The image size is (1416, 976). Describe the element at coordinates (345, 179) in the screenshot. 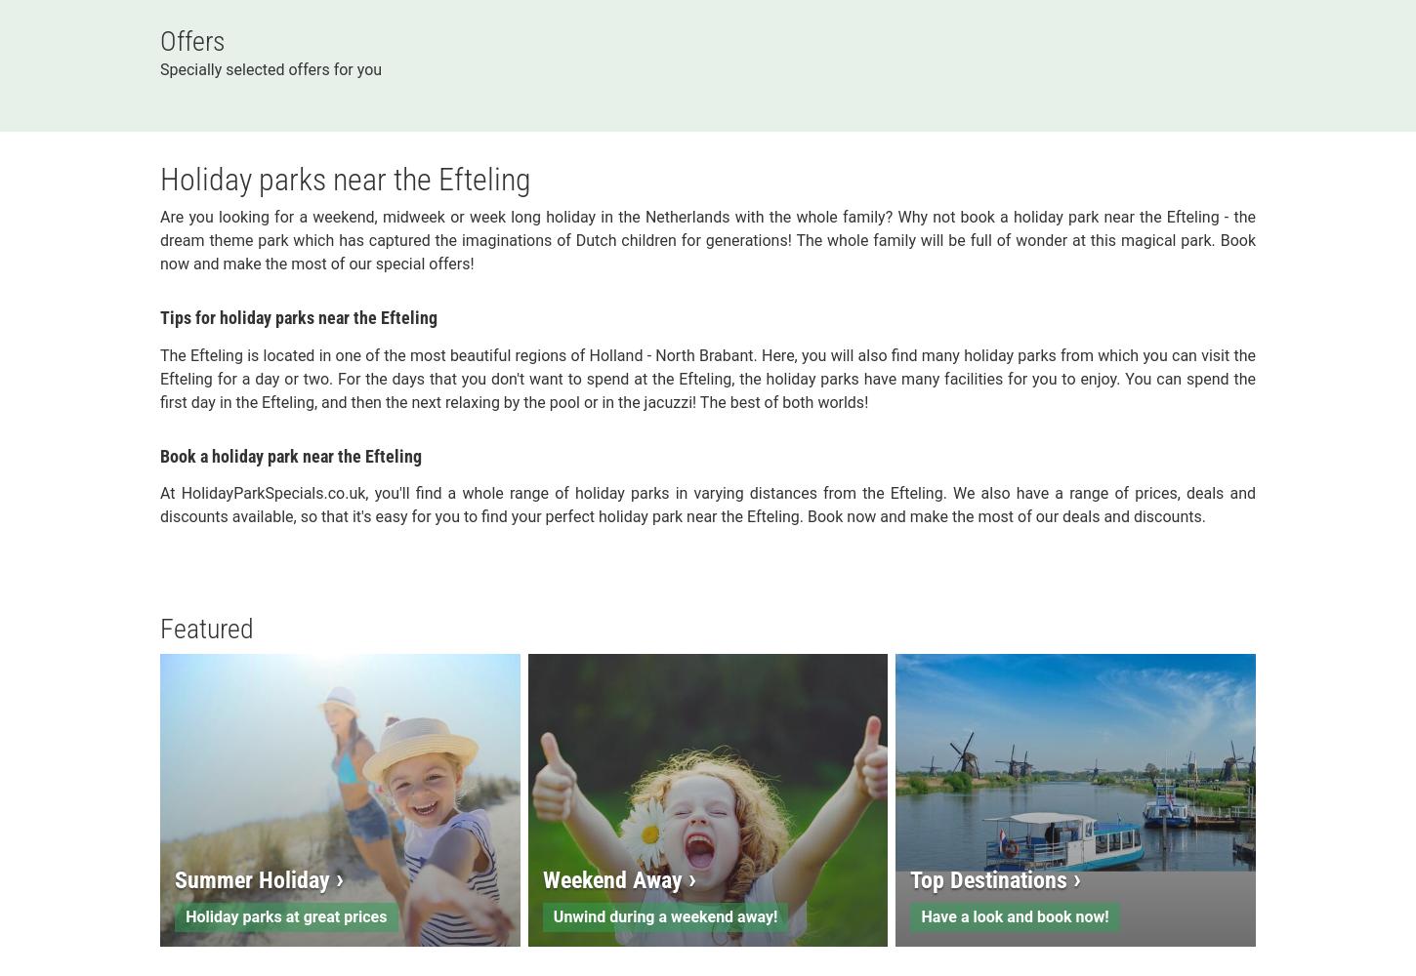

I see `'Holiday parks near the Efteling'` at that location.